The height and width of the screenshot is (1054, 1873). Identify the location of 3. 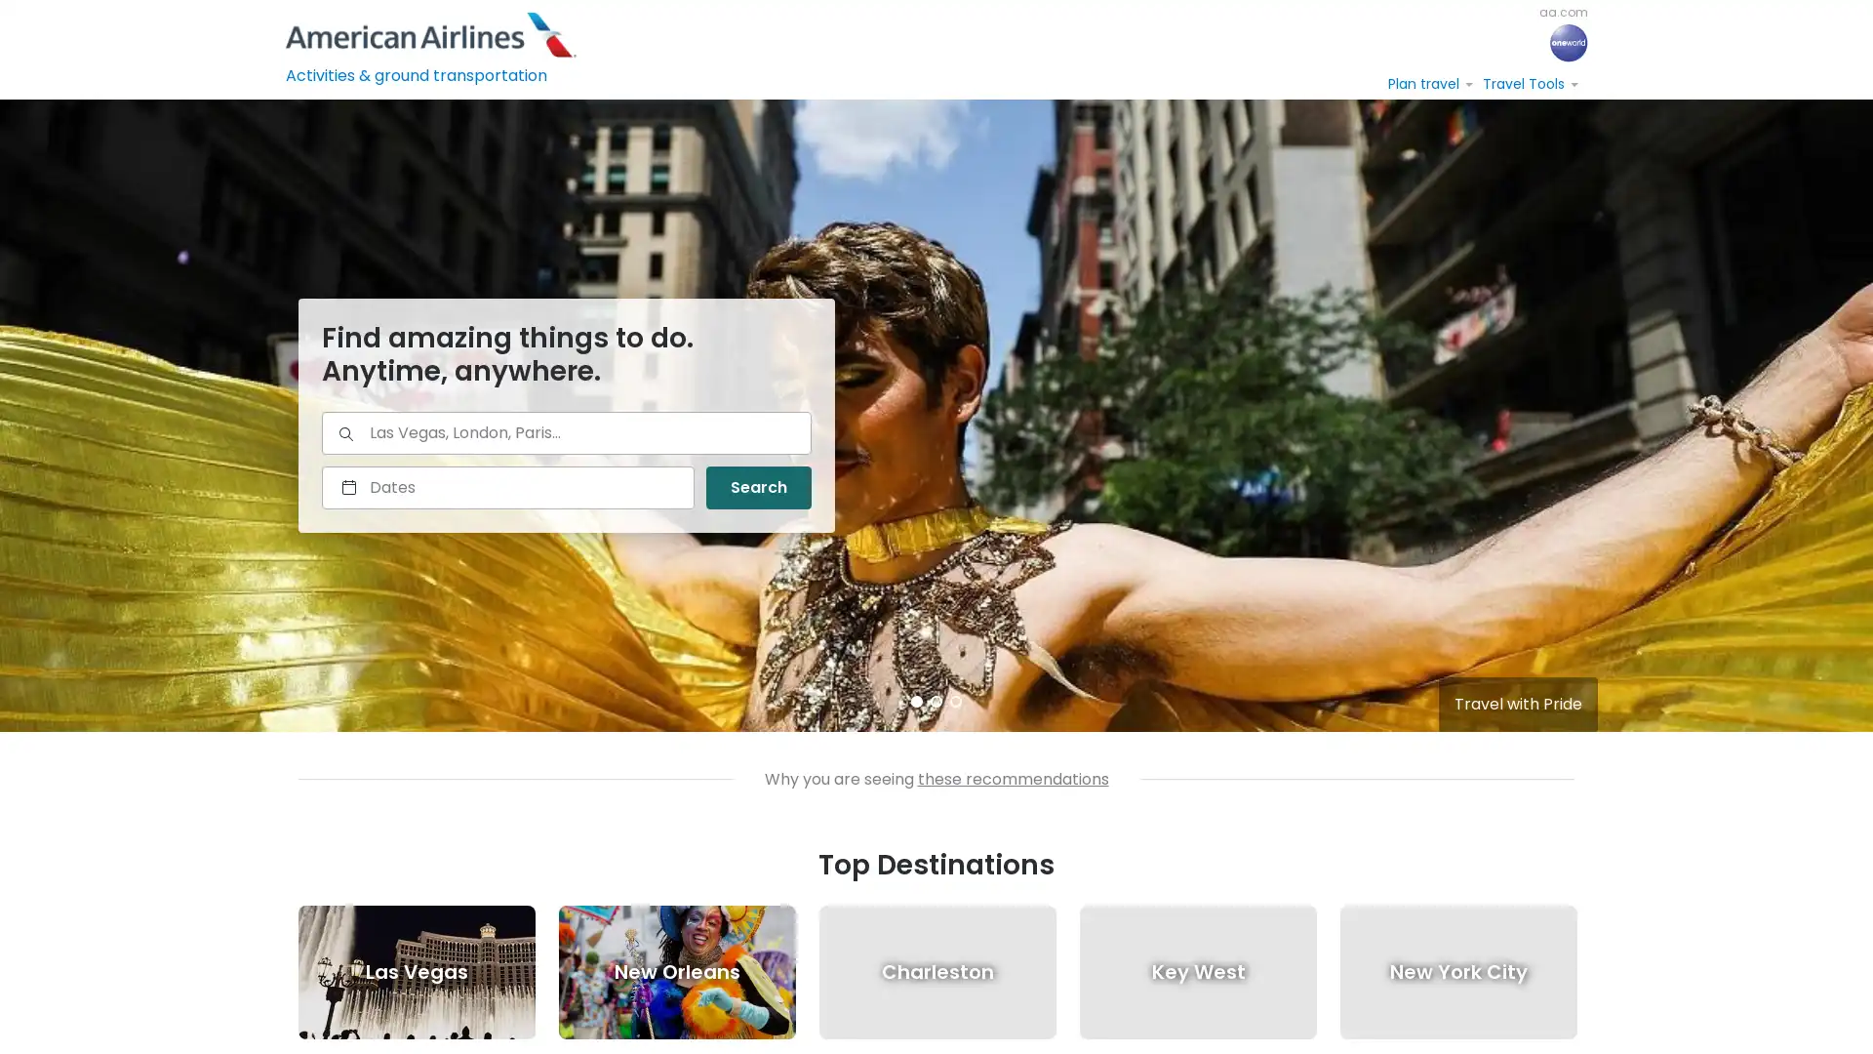
(955, 421).